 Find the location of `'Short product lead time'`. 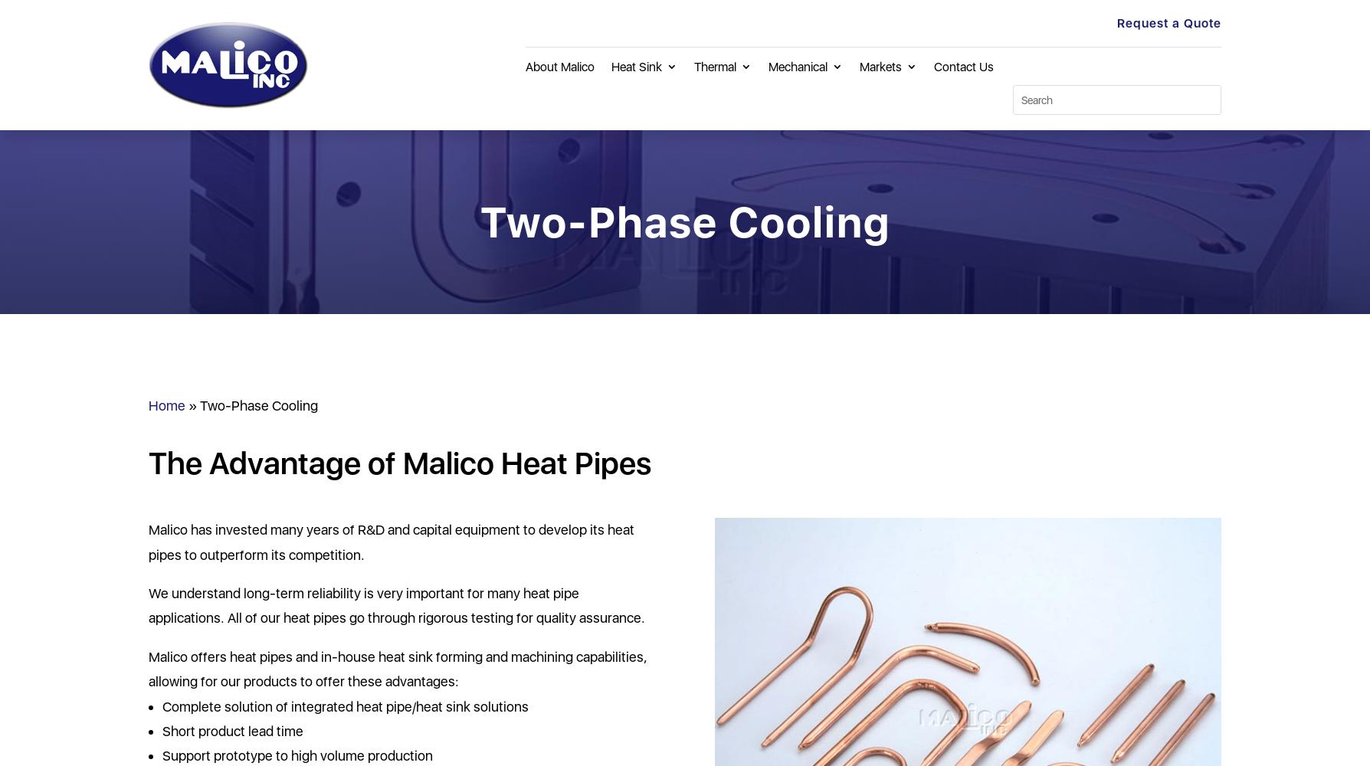

'Short product lead time' is located at coordinates (162, 730).